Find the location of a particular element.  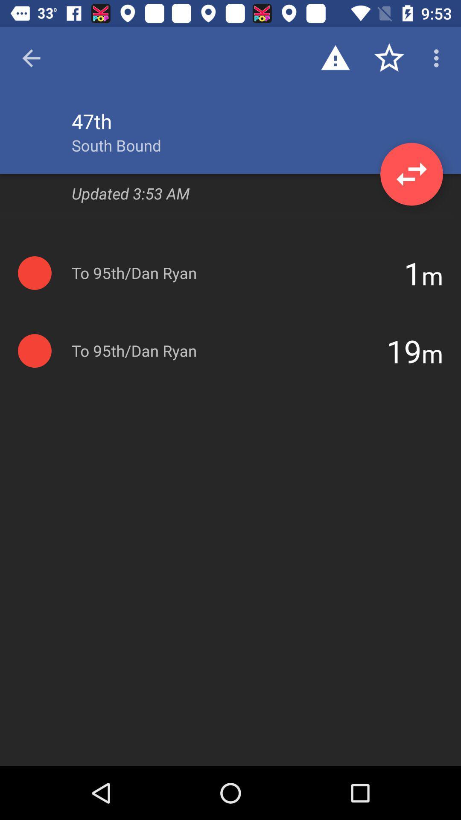

item next to m icon is located at coordinates (403, 351).